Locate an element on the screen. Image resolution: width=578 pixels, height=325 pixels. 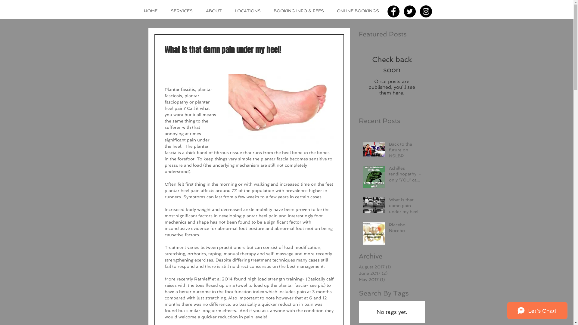
'Achilles tendinopathy  -only 'YOU' can fix it.' is located at coordinates (389, 175).